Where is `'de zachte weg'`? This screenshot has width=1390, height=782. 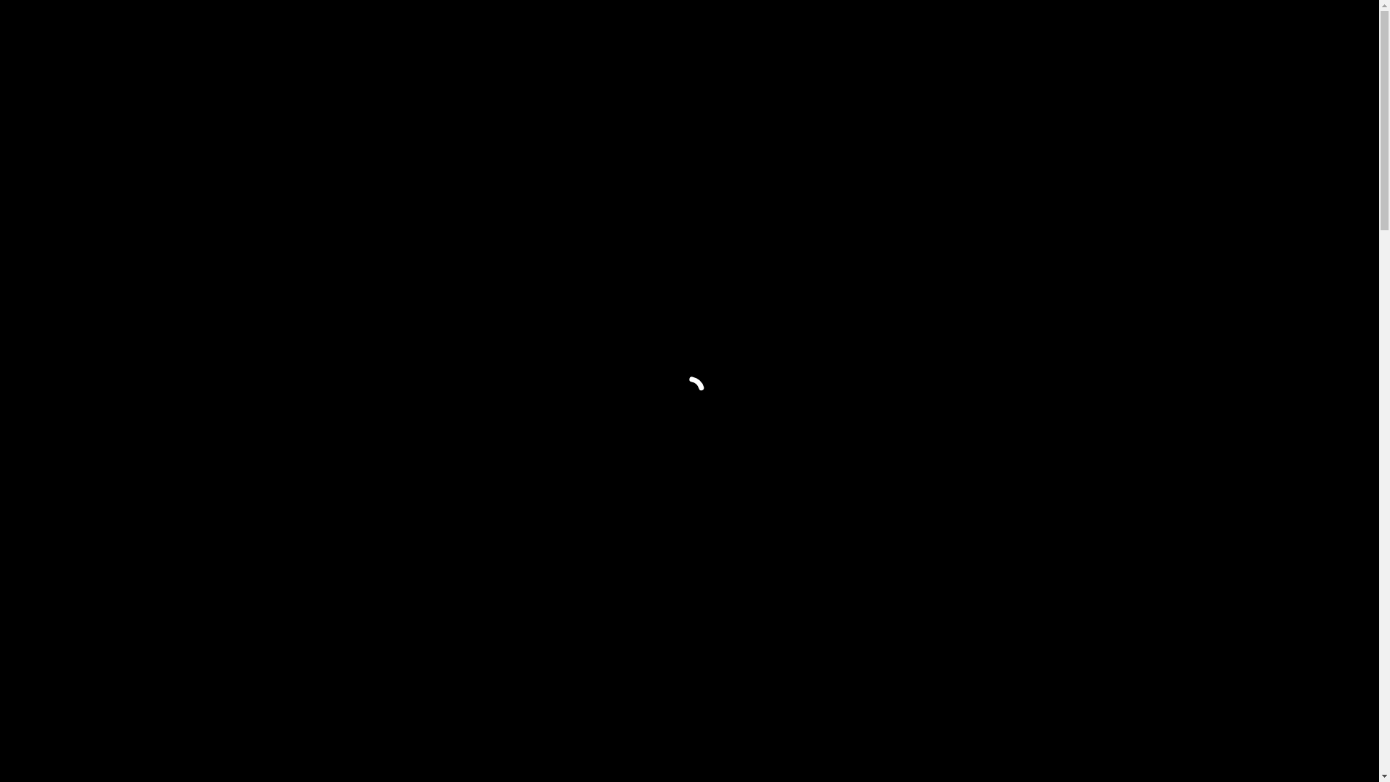 'de zachte weg' is located at coordinates (953, 590).